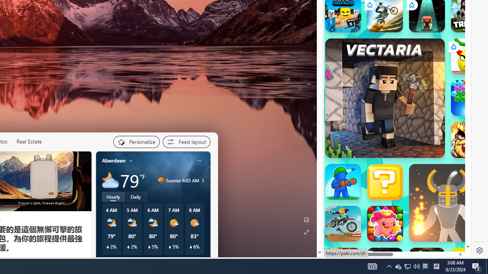 The image size is (488, 274). What do you see at coordinates (342, 223) in the screenshot?
I see `'Crazy Bikes'` at bounding box center [342, 223].